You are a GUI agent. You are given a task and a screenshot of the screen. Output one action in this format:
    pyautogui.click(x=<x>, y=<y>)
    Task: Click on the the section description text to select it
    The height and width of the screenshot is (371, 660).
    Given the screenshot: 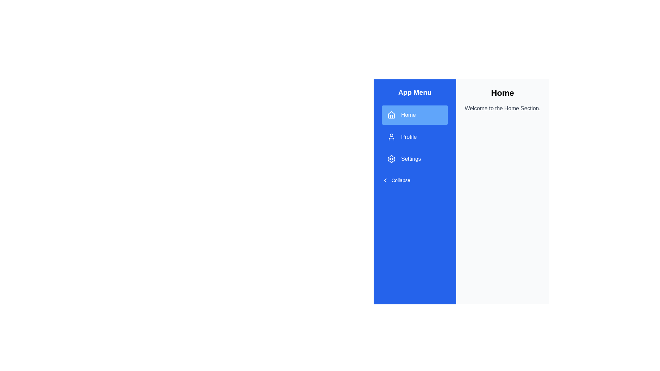 What is the action you would take?
    pyautogui.click(x=503, y=108)
    